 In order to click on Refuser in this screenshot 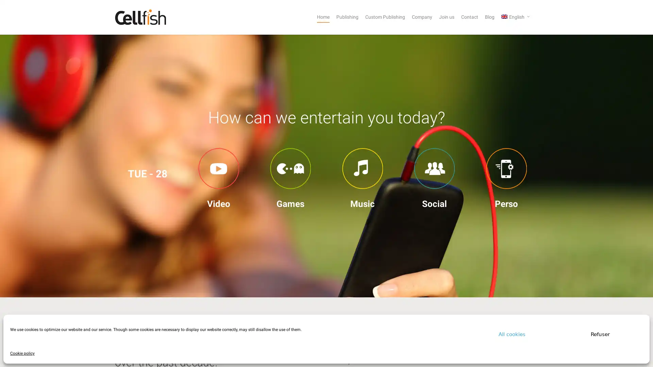, I will do `click(600, 334)`.